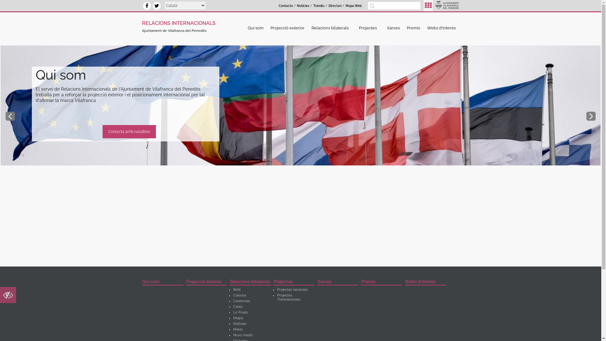  What do you see at coordinates (239, 324) in the screenshot?
I see `'Mattsee'` at bounding box center [239, 324].